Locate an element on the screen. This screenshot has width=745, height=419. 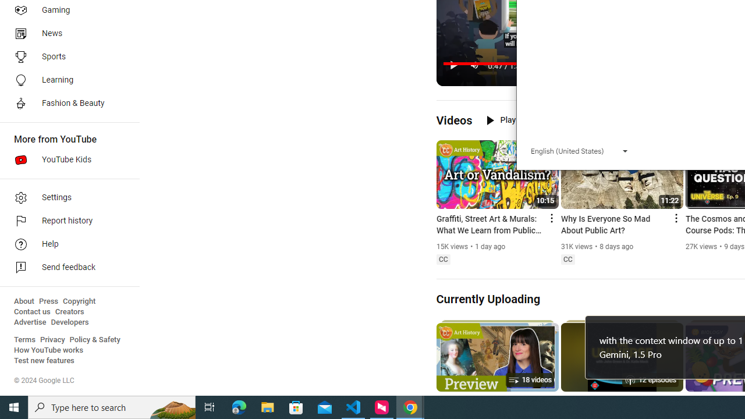
'Sports' is located at coordinates (65, 56).